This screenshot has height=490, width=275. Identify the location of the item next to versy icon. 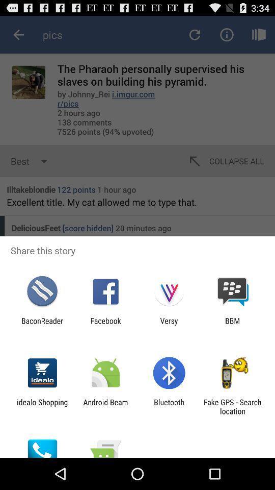
(105, 325).